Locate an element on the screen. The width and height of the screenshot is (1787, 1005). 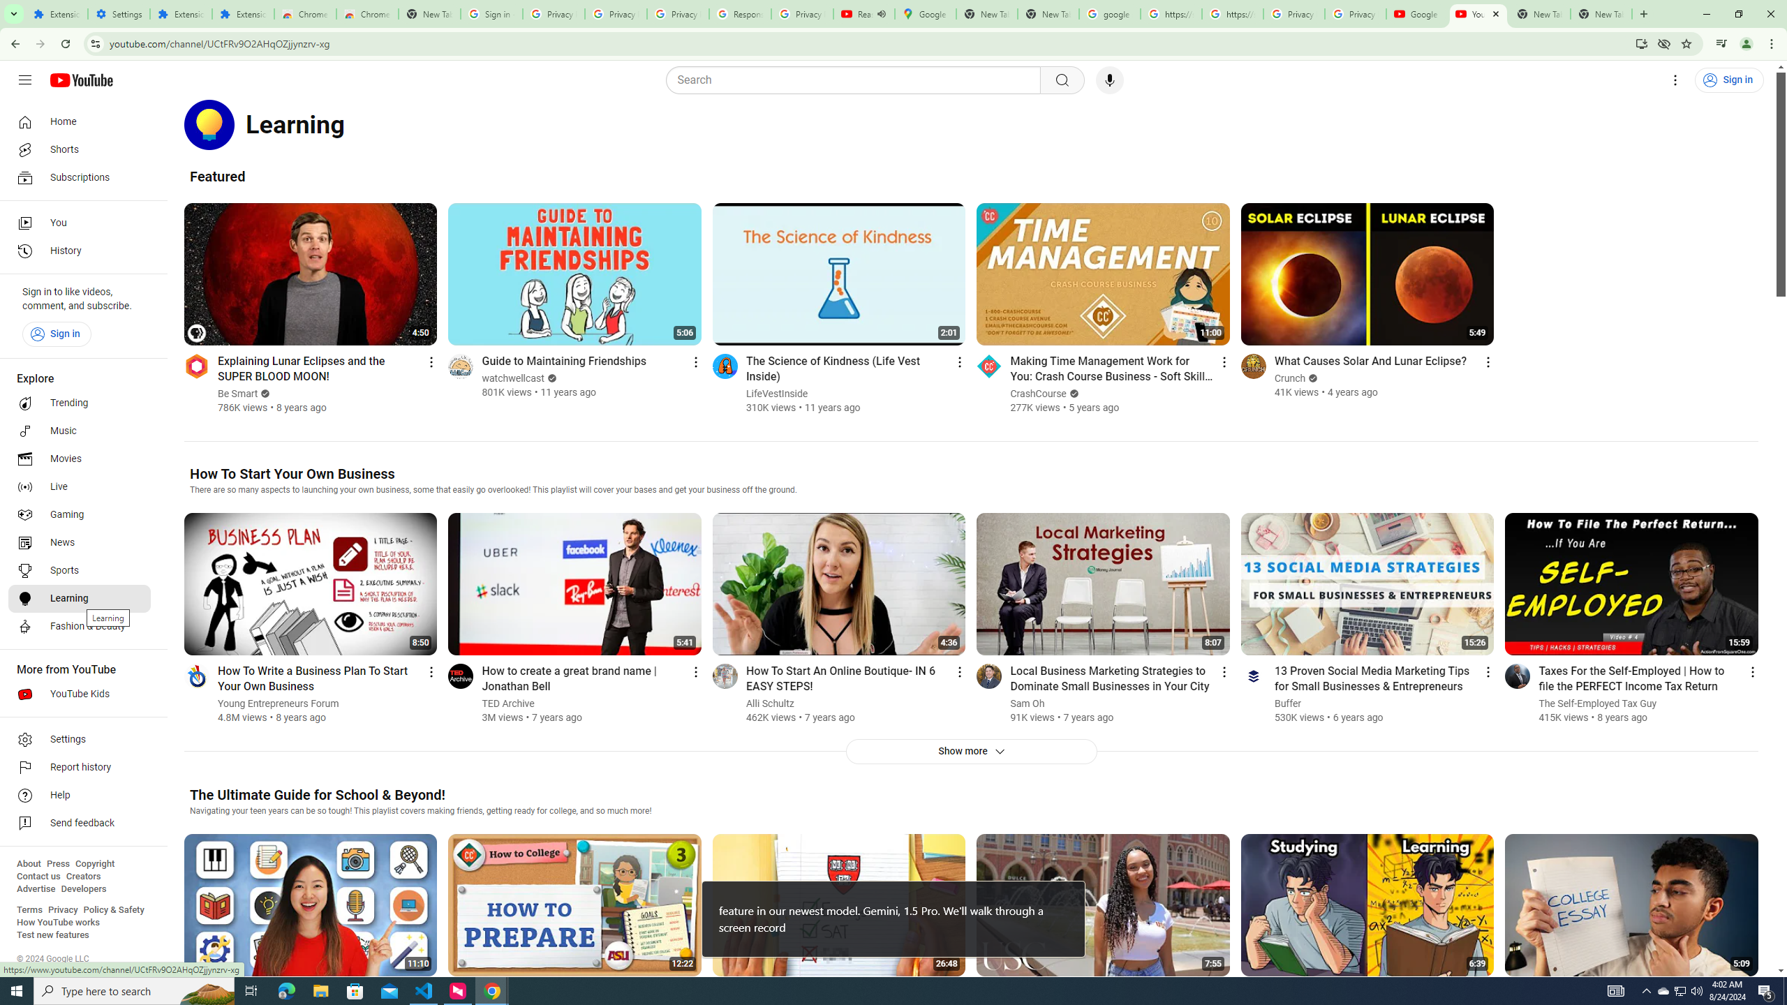
'Action menu' is located at coordinates (1753, 671).